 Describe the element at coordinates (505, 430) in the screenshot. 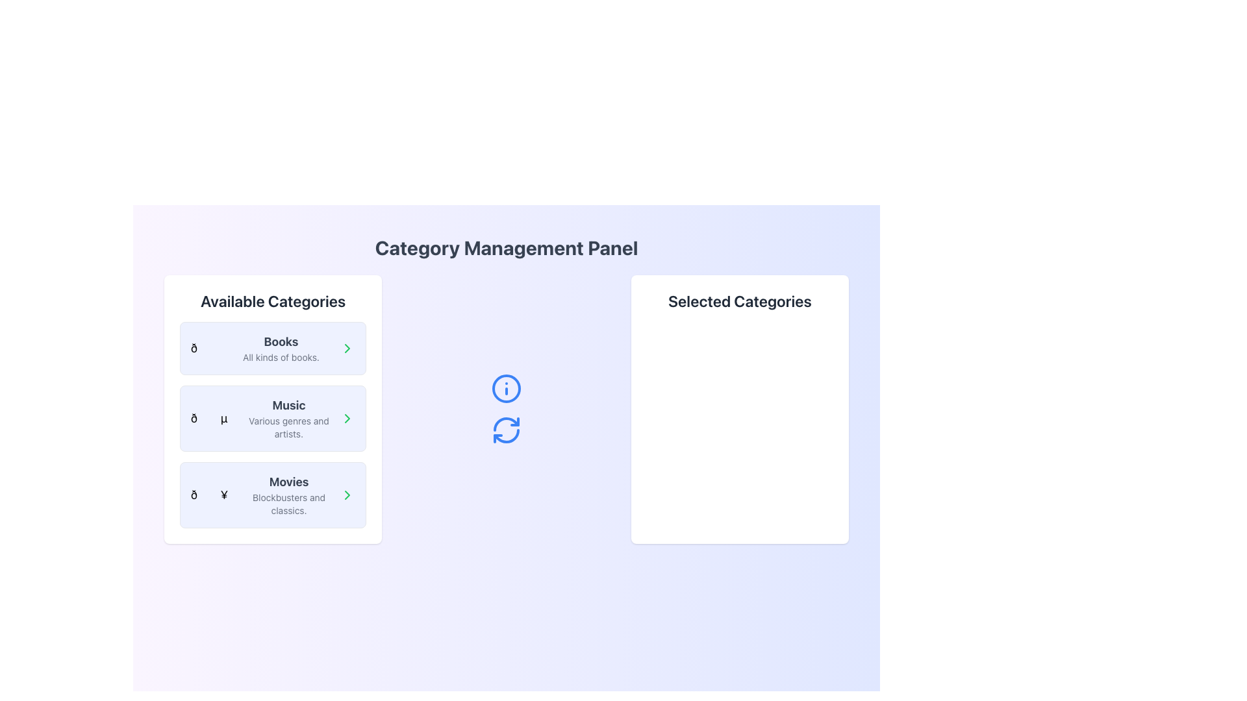

I see `the circular refresh icon with two arrows forming a loop, styled in blue, located below the information icon in the middle column of the layout` at that location.